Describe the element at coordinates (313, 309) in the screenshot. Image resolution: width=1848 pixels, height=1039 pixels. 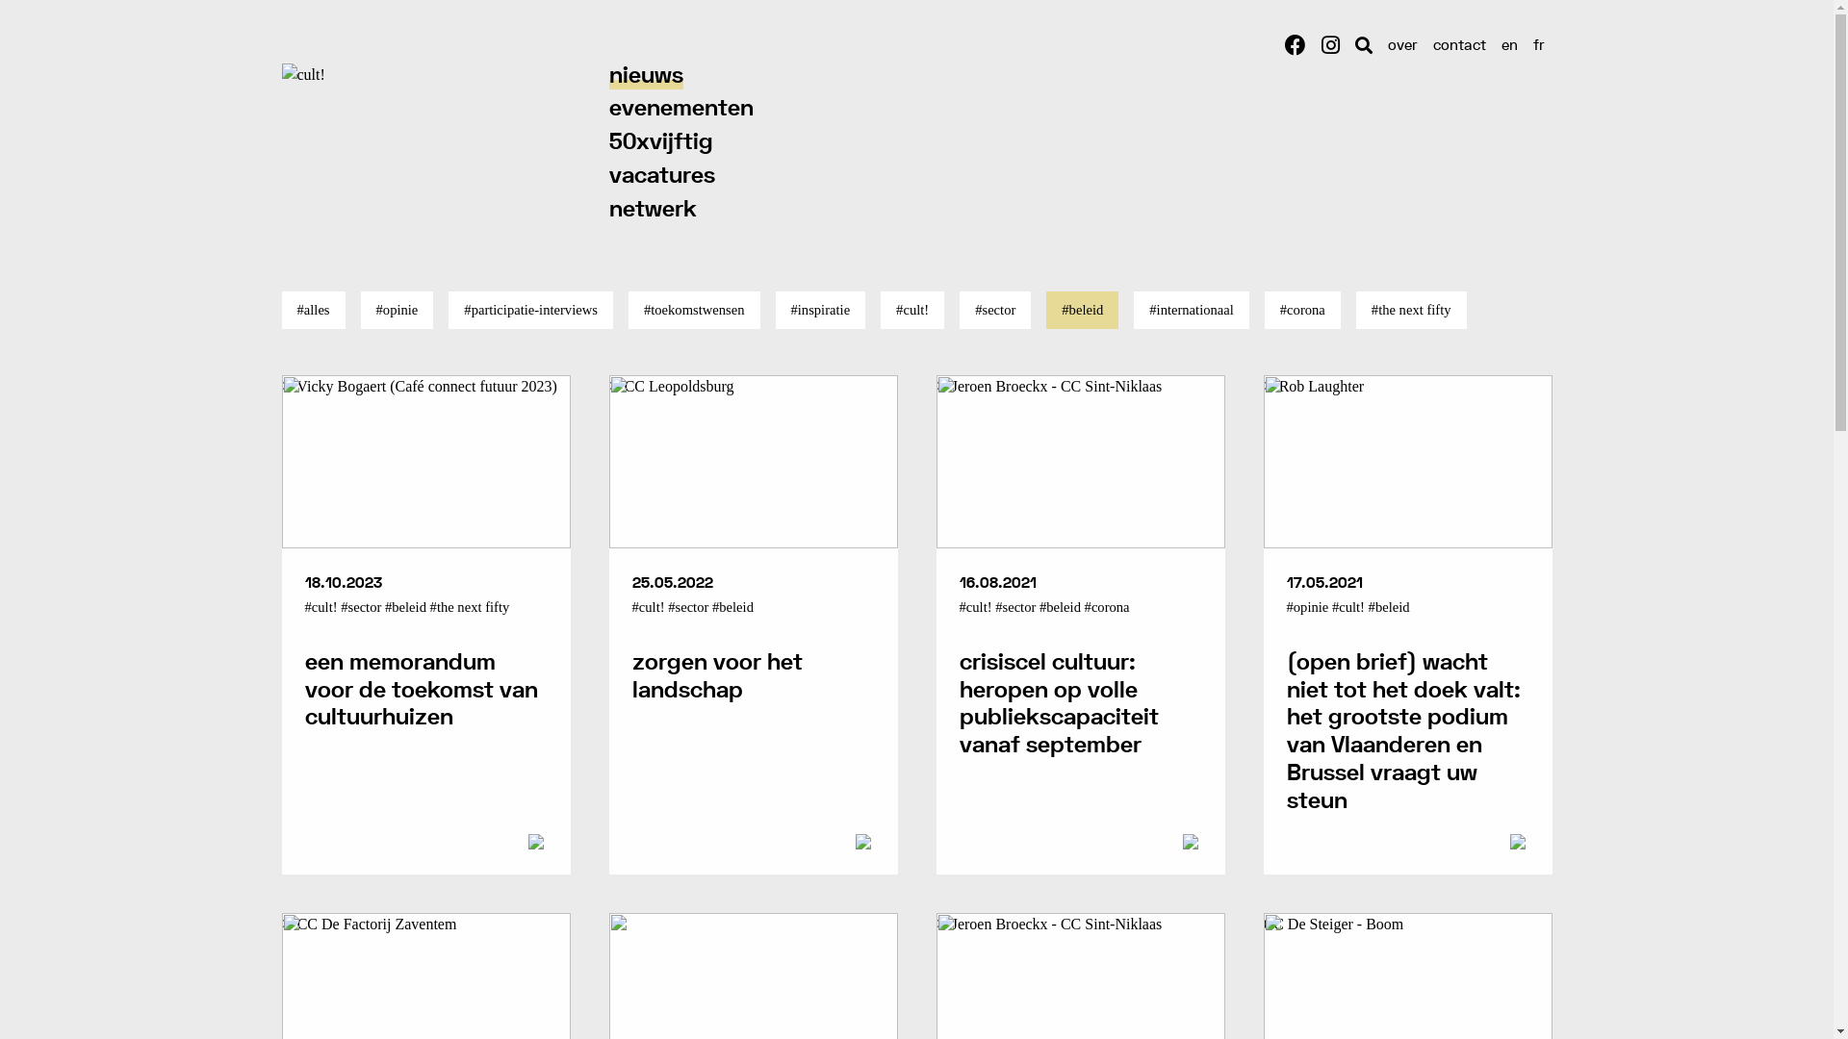
I see `'#alles'` at that location.